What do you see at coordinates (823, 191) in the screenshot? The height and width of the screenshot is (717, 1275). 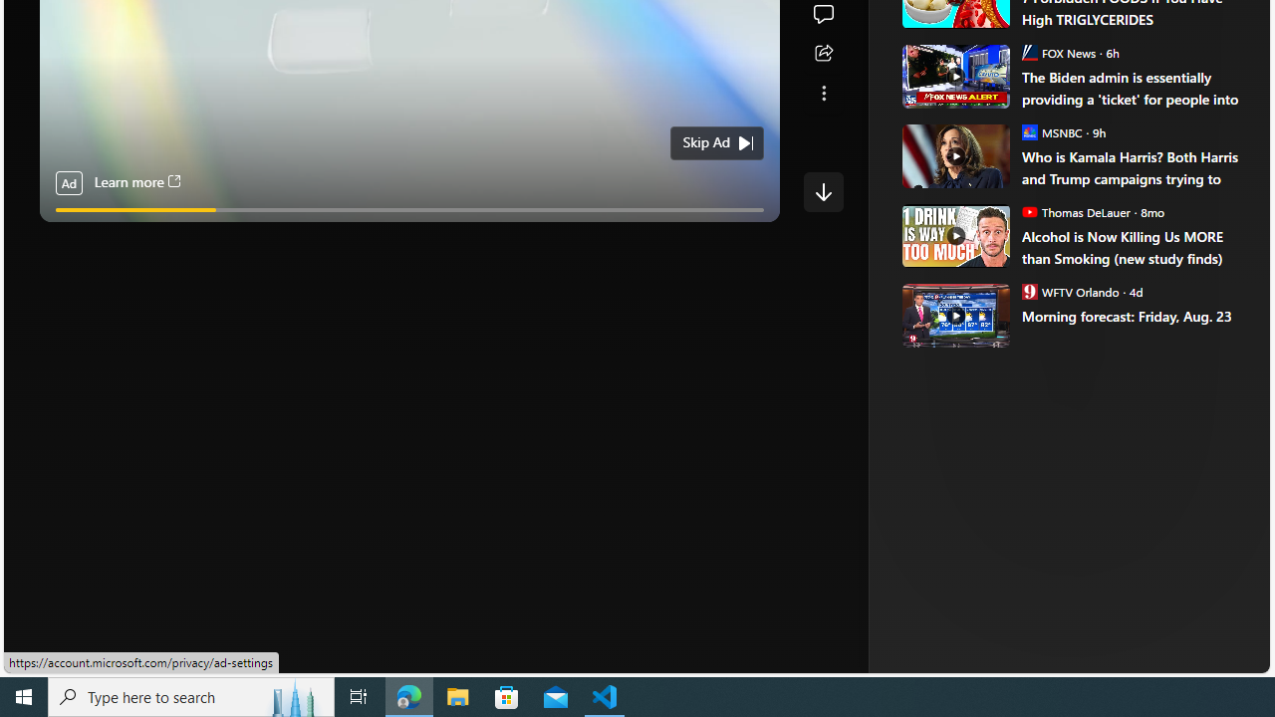 I see `'Class: control'` at bounding box center [823, 191].